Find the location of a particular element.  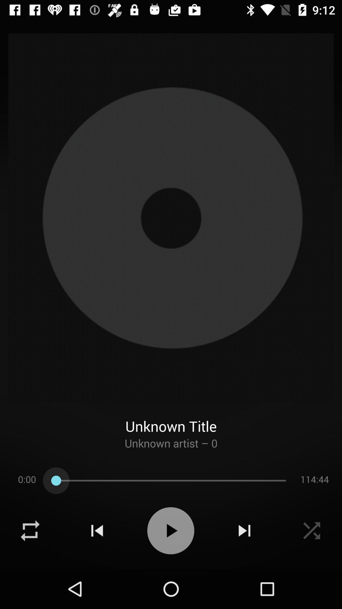

audio file is located at coordinates (170, 531).